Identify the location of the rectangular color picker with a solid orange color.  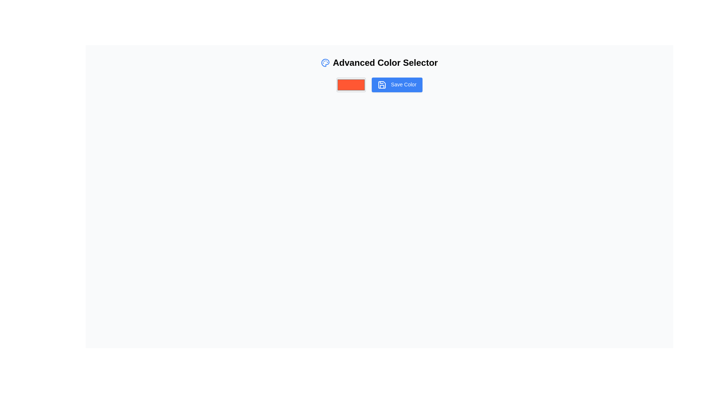
(351, 85).